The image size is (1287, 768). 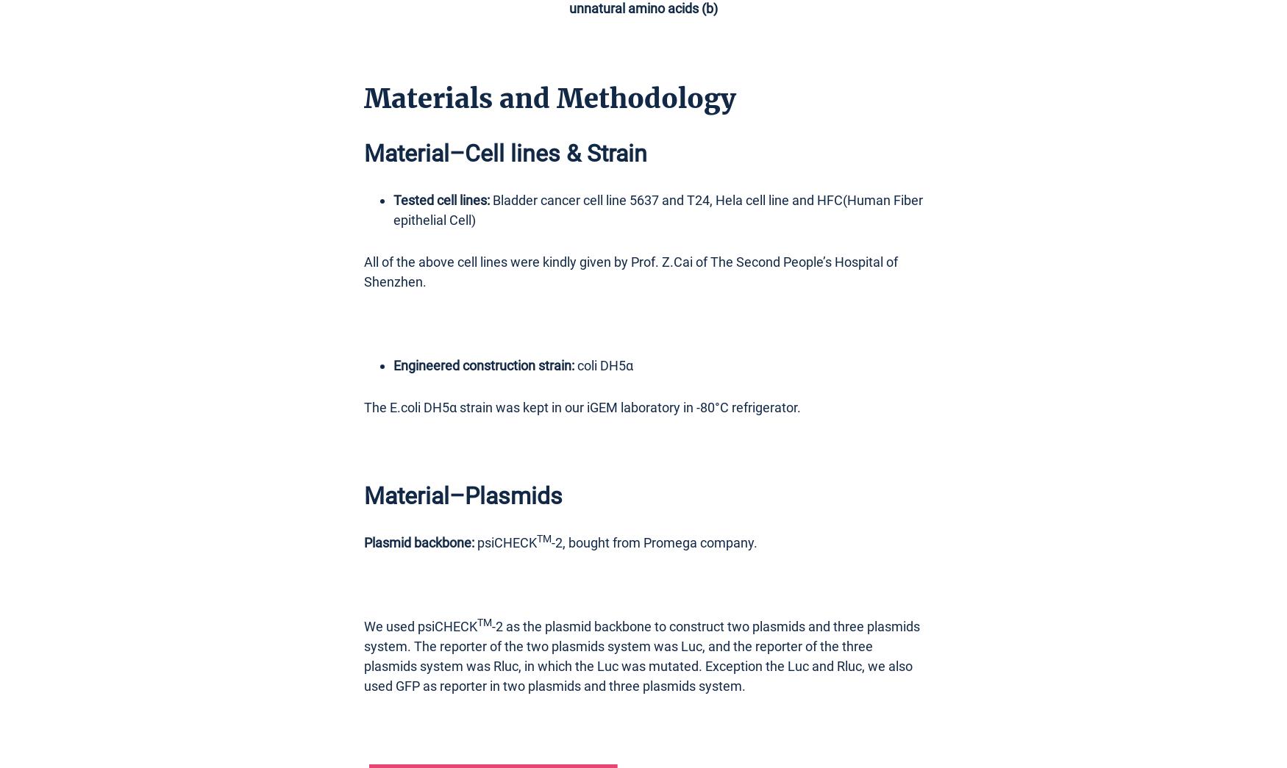 What do you see at coordinates (463, 495) in the screenshot?
I see `'Material–Plasmids'` at bounding box center [463, 495].